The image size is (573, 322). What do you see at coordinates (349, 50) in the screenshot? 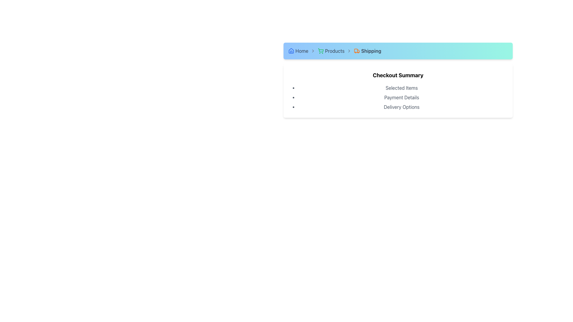
I see `the right-facing chevron icon in the breadcrumb navigation bar, which is styled with a thin stroke and rounded edges, located between 'Products' and 'Shipping'` at bounding box center [349, 50].